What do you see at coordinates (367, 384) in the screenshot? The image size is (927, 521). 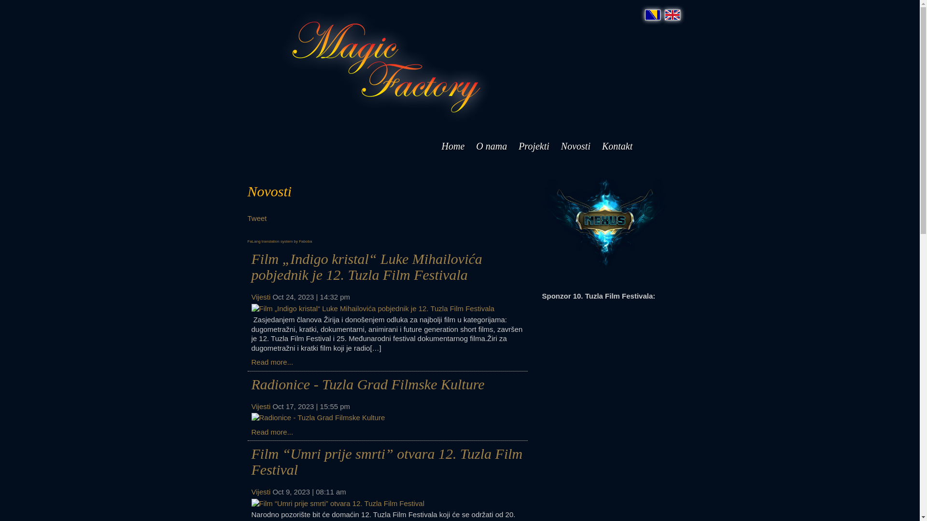 I see `'Radionice - Tuzla Grad Filmske Kulture'` at bounding box center [367, 384].